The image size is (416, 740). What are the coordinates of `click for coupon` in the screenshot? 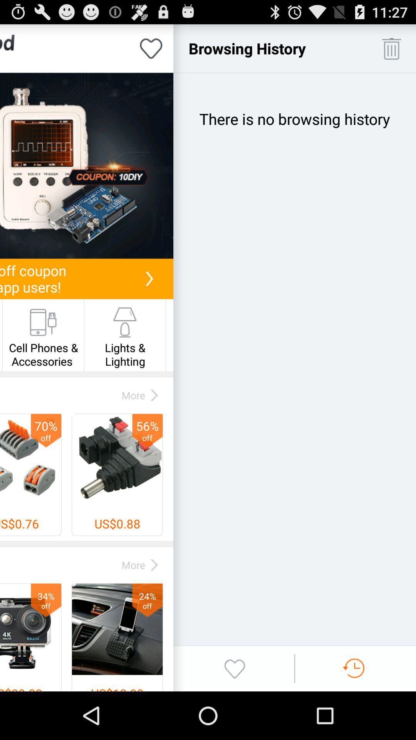 It's located at (86, 165).